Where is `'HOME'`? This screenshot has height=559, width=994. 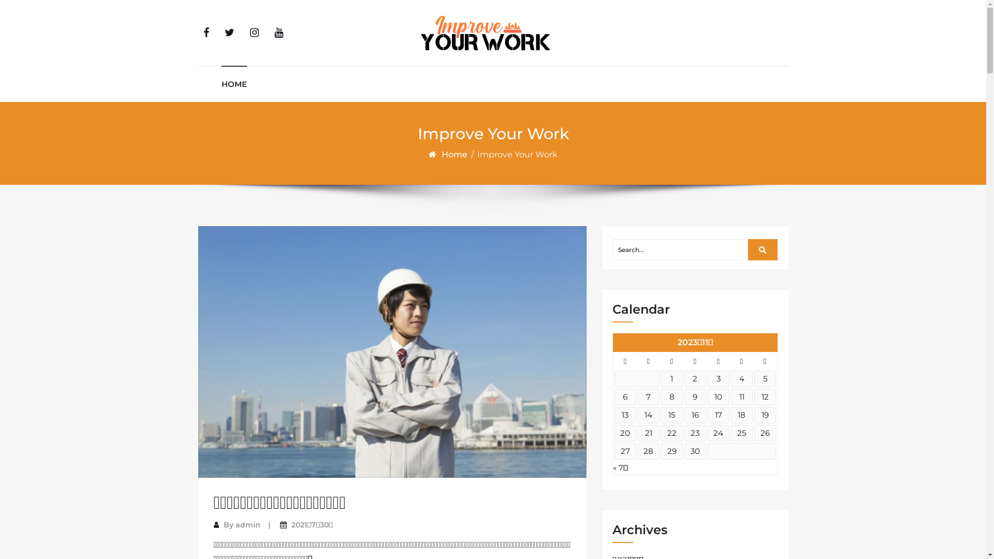 'HOME' is located at coordinates (233, 83).